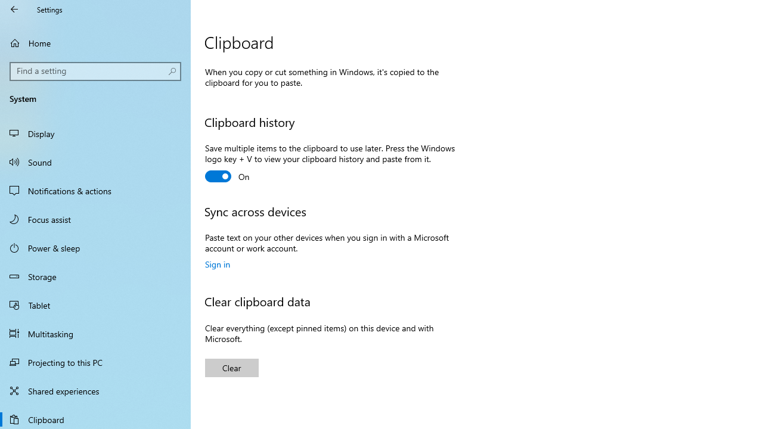 Image resolution: width=763 pixels, height=429 pixels. I want to click on 'Back', so click(14, 9).